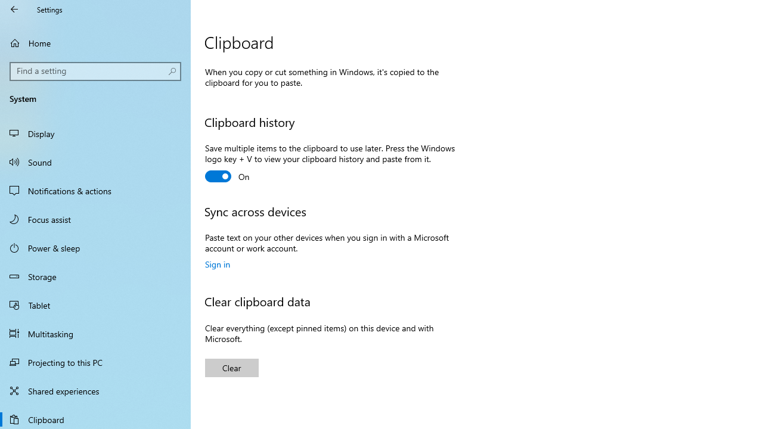 Image resolution: width=763 pixels, height=429 pixels. I want to click on 'Back', so click(14, 9).